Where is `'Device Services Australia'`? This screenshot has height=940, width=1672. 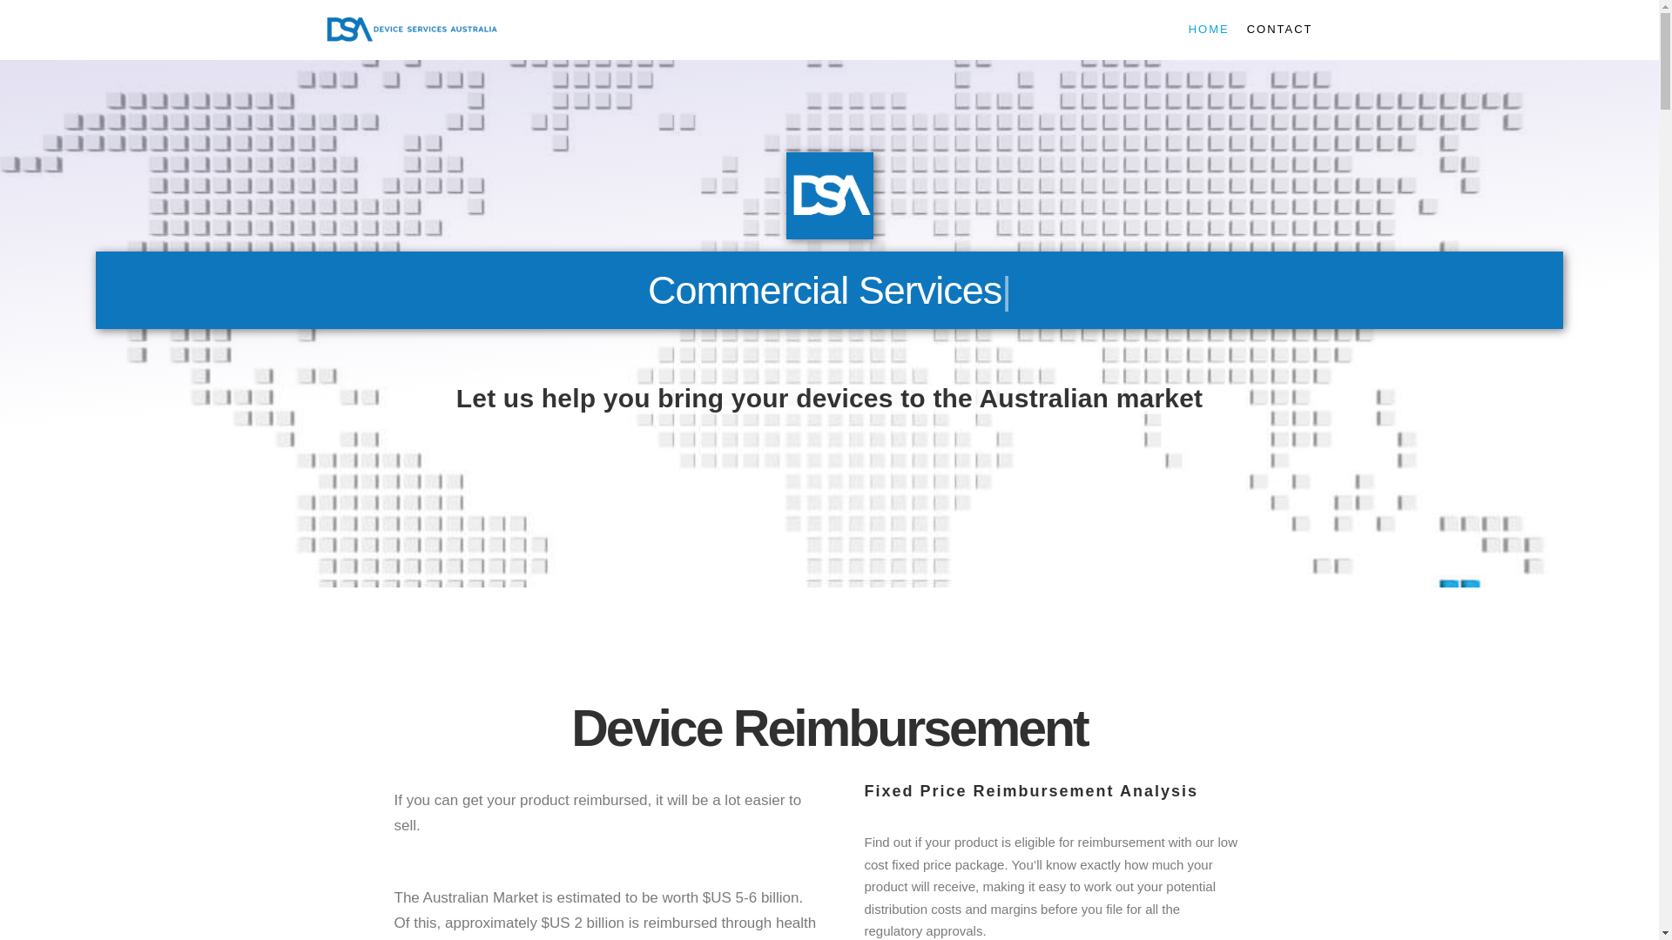
'Device Services Australia' is located at coordinates (409, 30).